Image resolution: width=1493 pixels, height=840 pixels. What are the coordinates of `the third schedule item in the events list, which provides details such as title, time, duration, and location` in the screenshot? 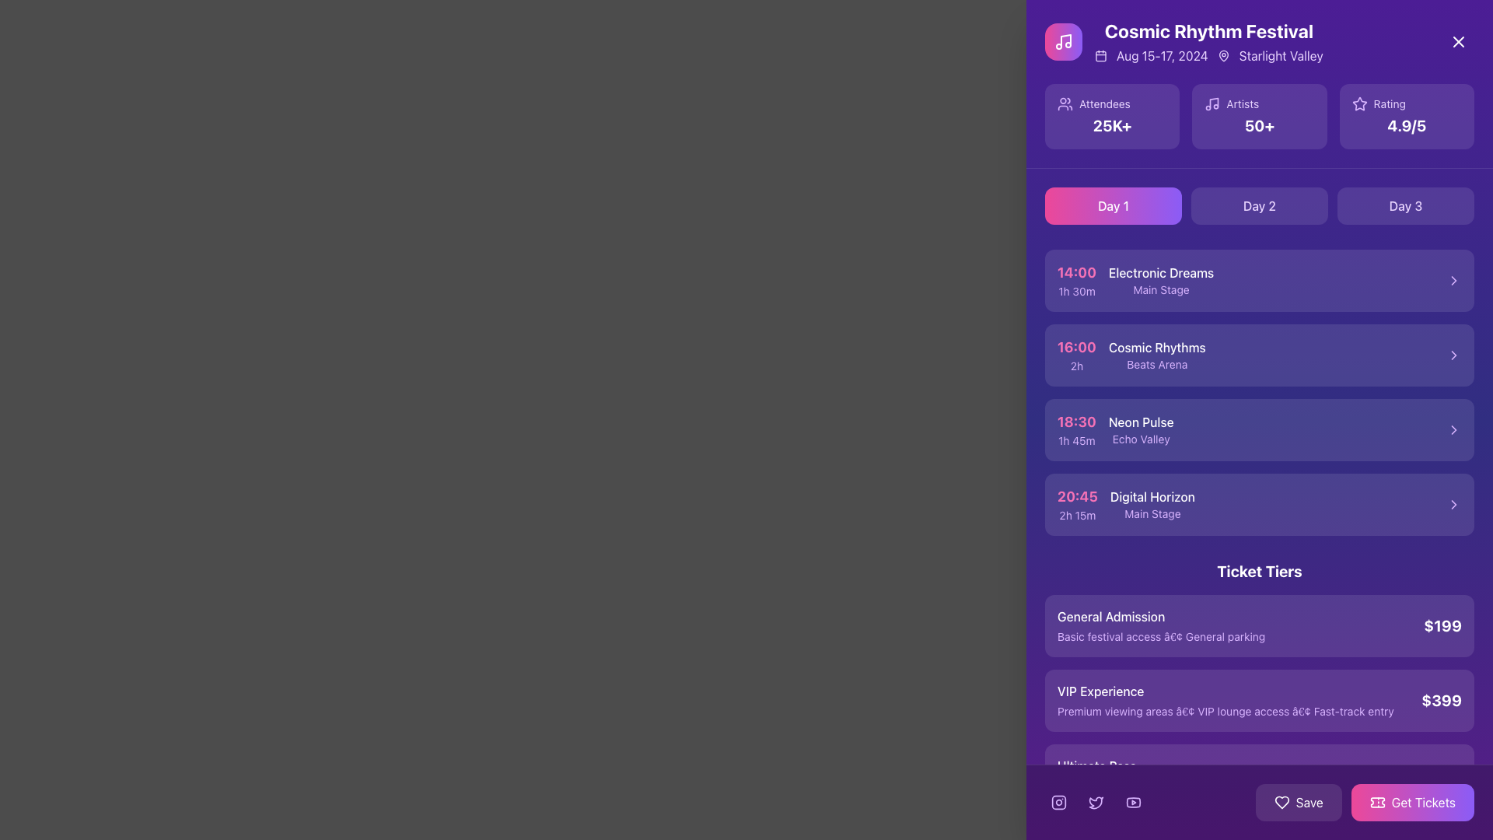 It's located at (1260, 392).